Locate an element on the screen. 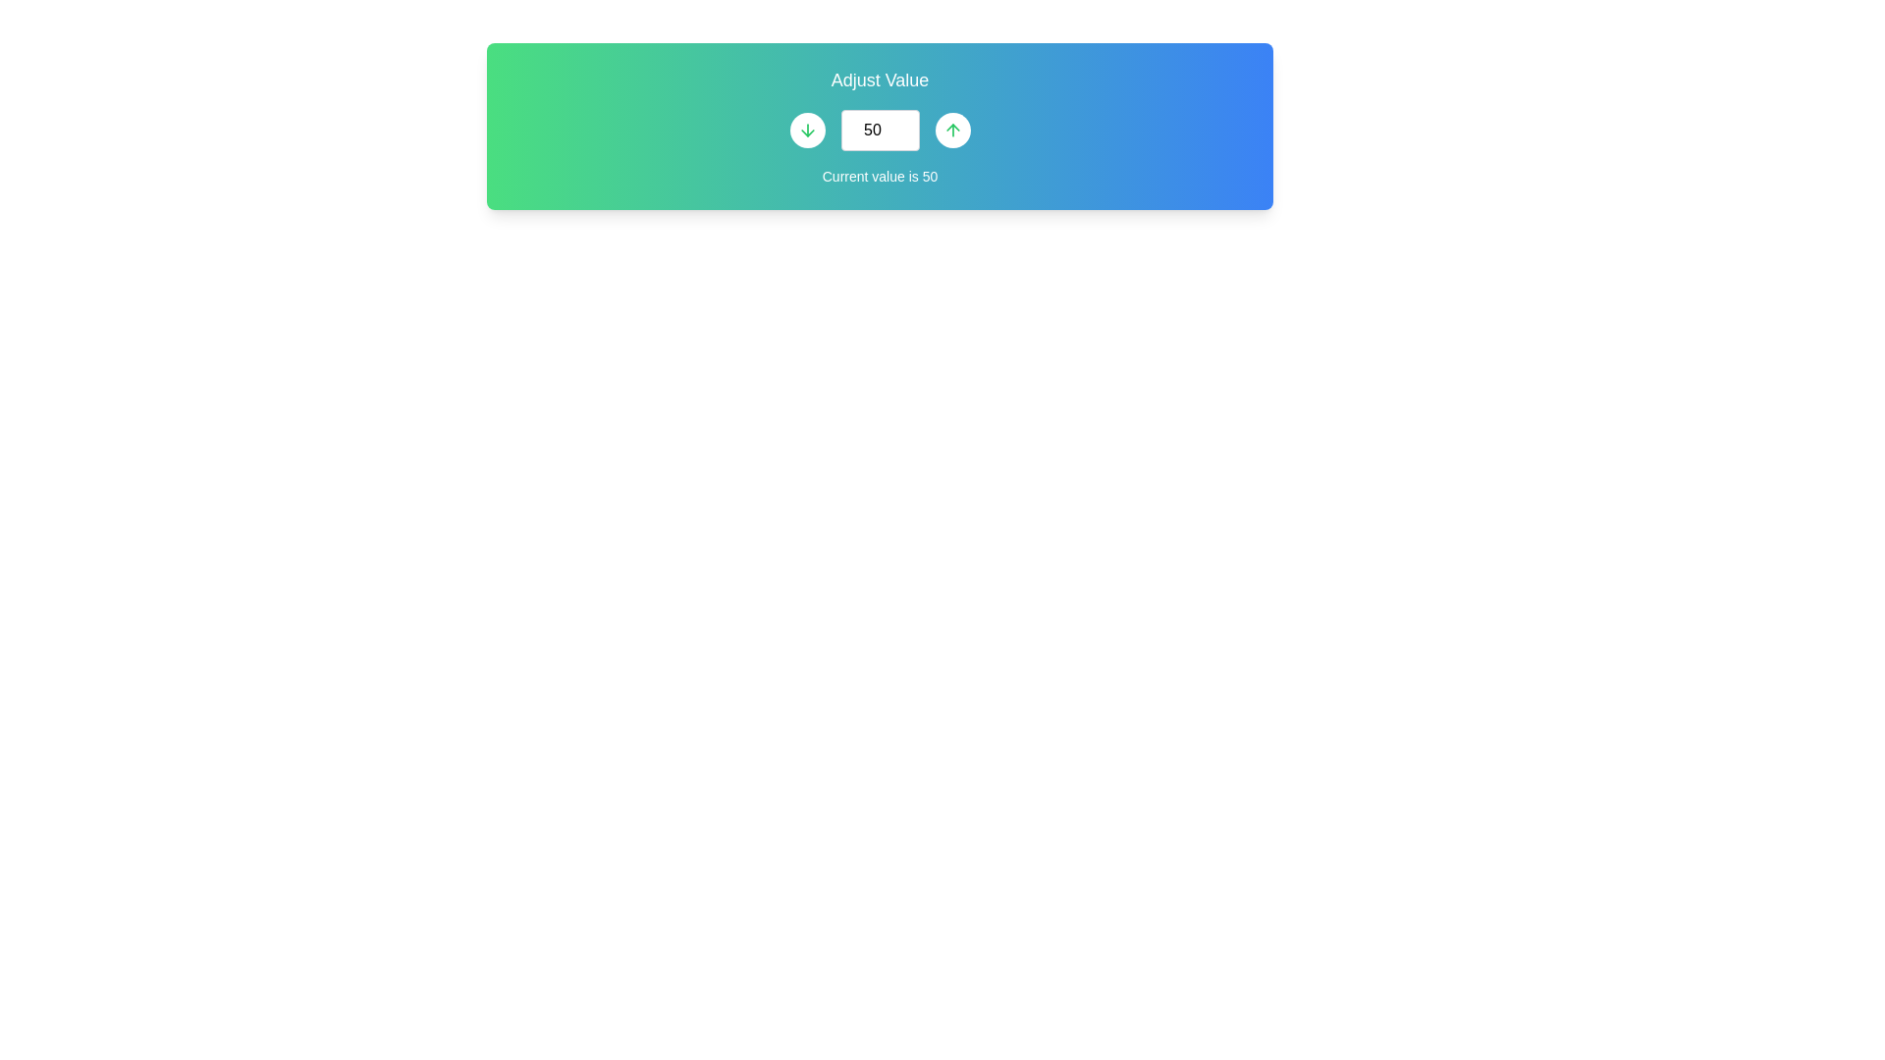 This screenshot has height=1060, width=1885. the centrally positioned numeric input field to focus on it, which is located between two circular buttons in a horizontally-oriented, gradient-colored box with rounded corners is located at coordinates (879, 130).